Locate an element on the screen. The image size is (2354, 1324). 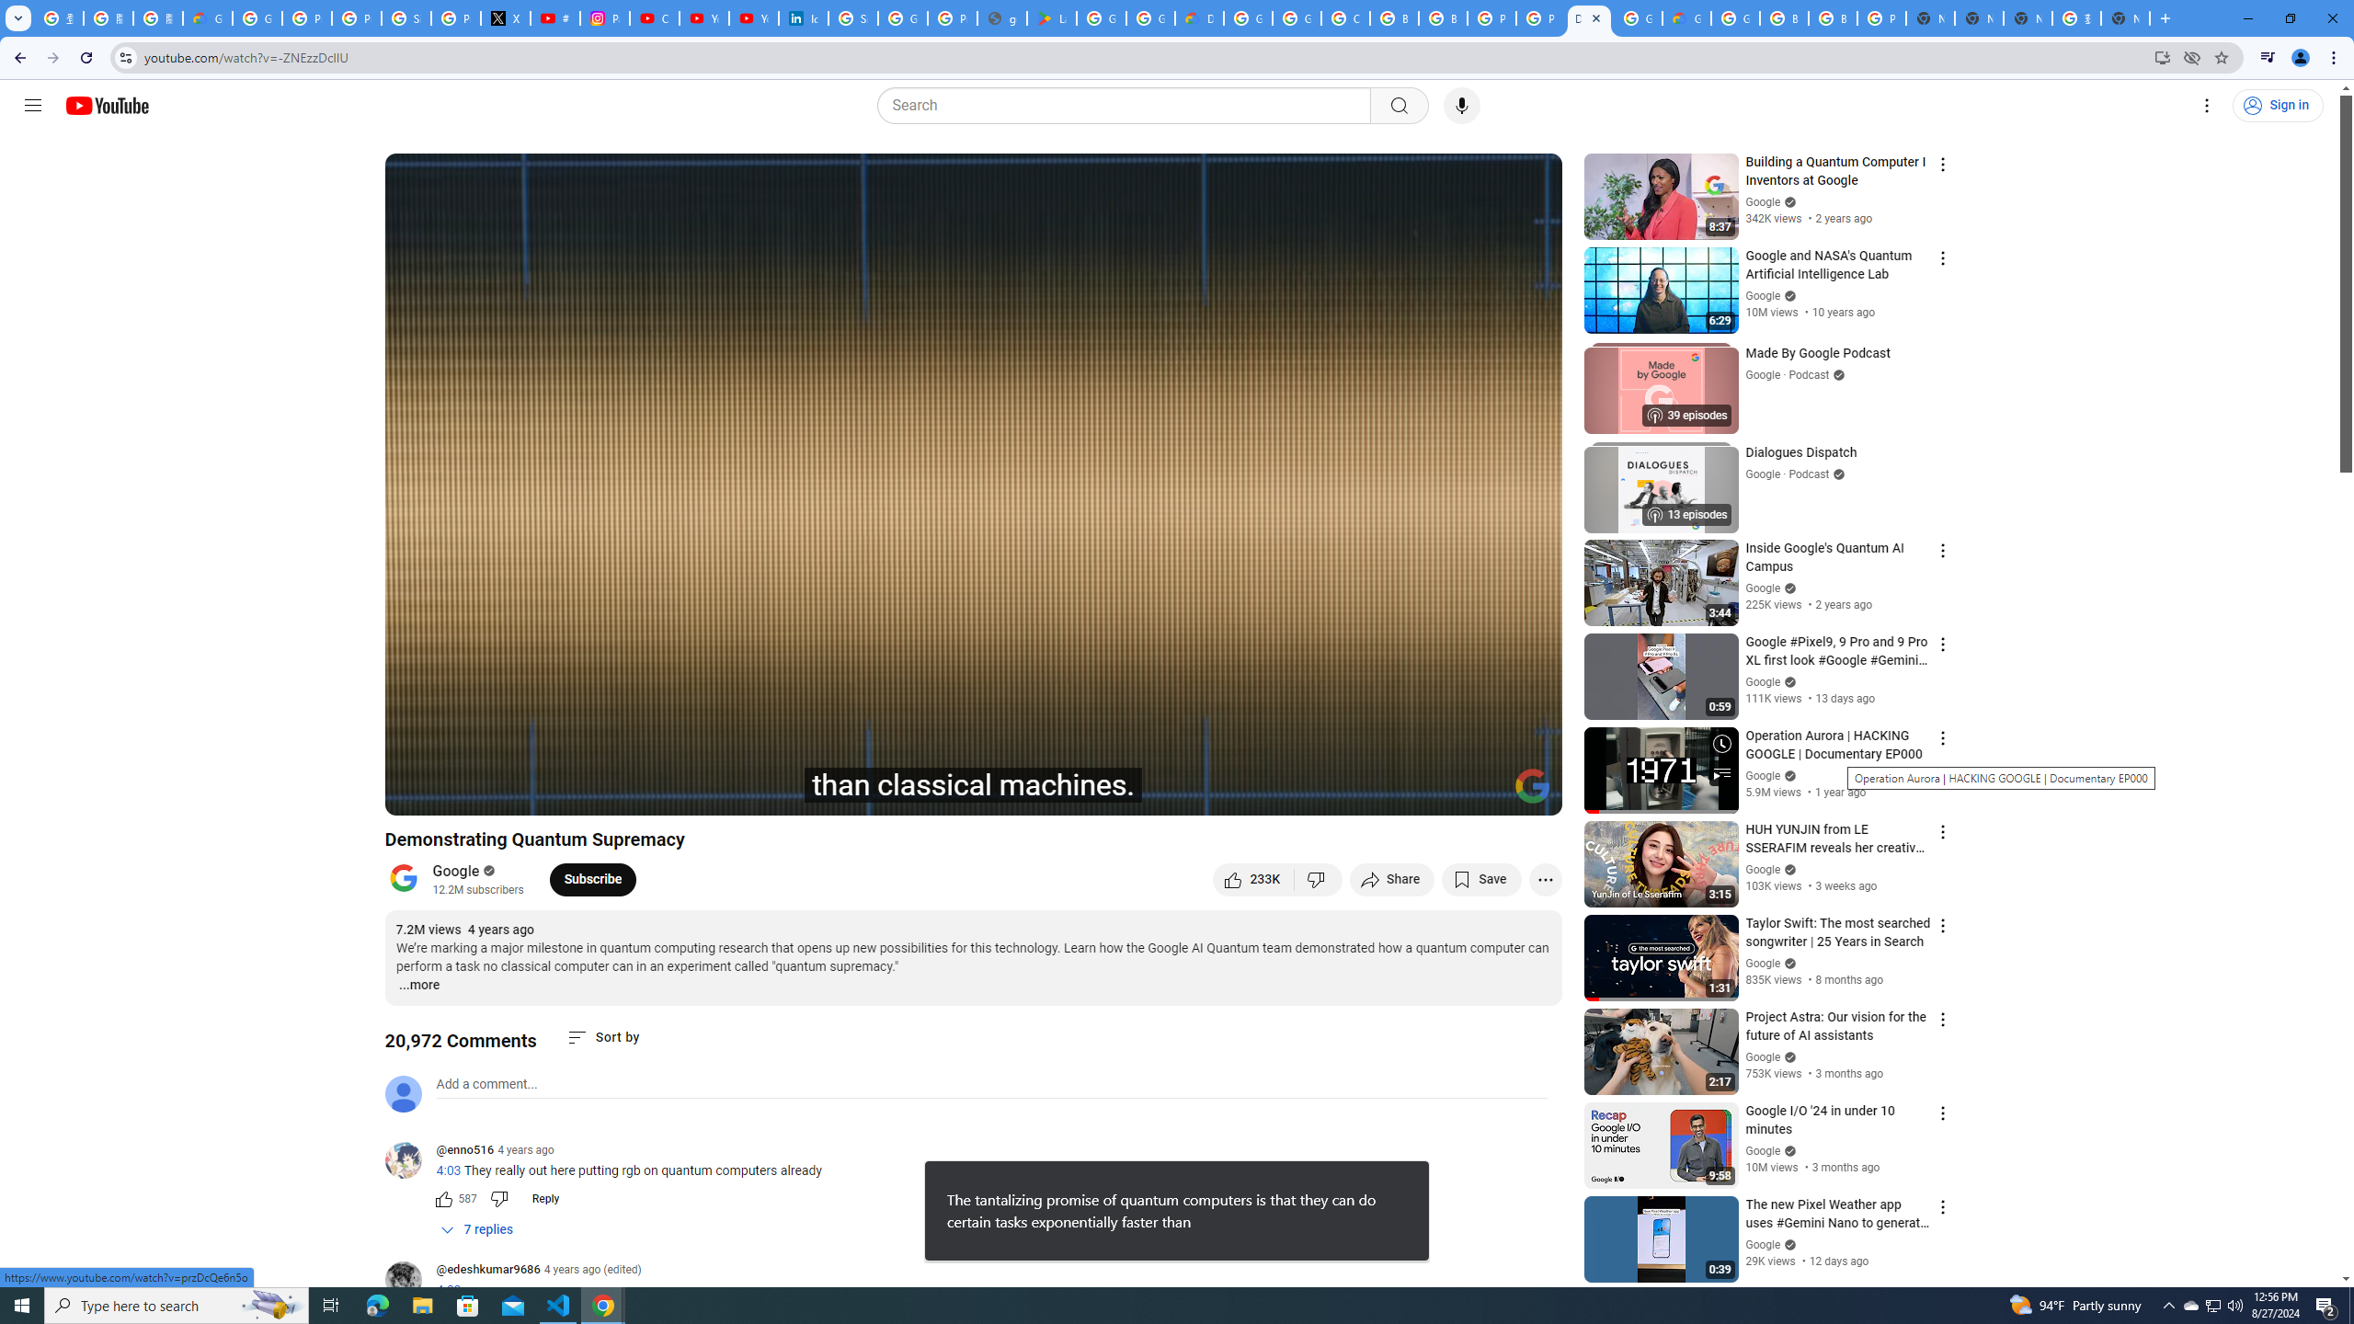
'Share' is located at coordinates (1391, 878).